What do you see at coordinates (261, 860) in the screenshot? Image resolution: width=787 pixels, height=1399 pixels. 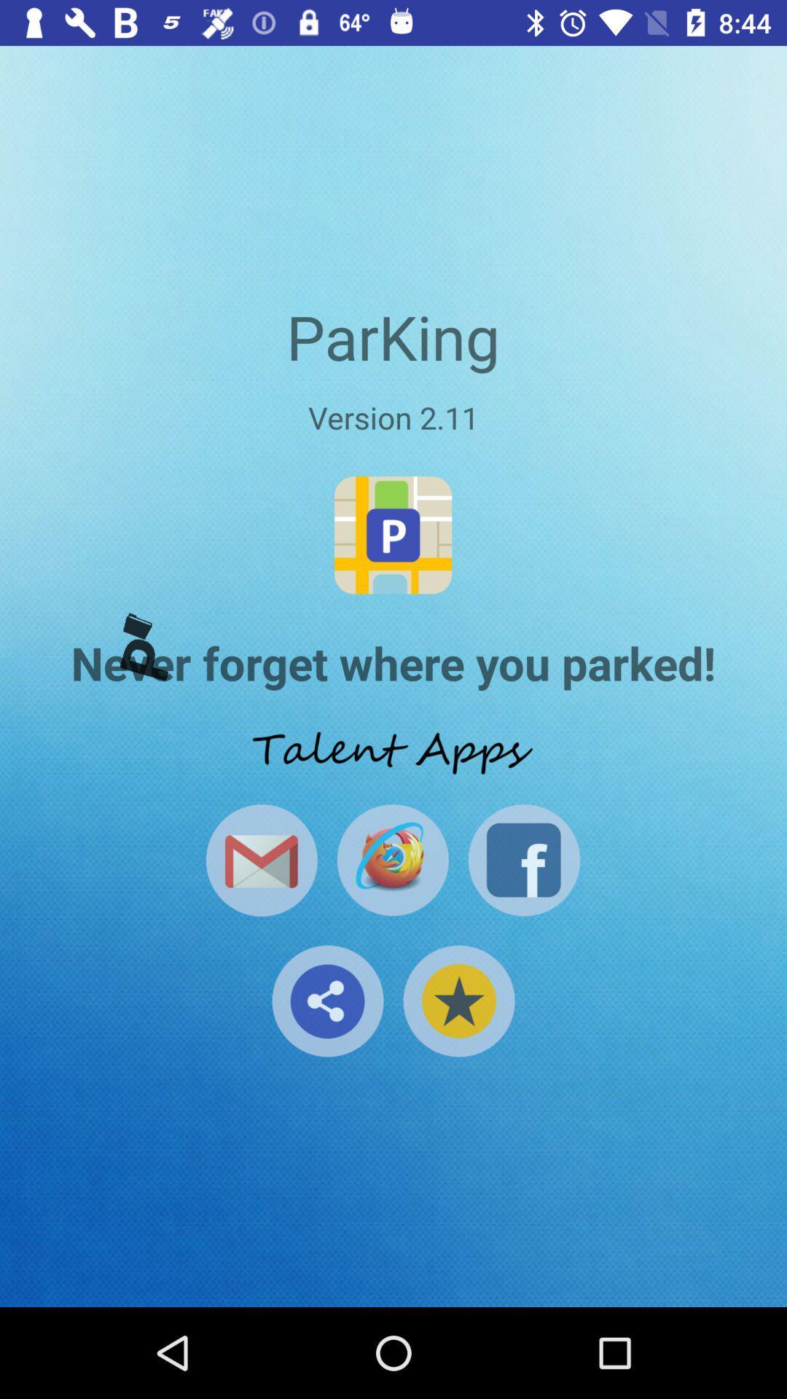 I see `open email` at bounding box center [261, 860].